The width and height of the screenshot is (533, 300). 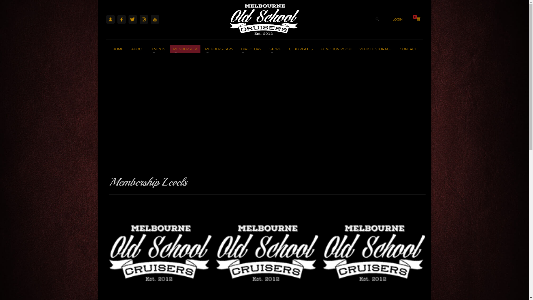 I want to click on 'VEHICLE STORAGE', so click(x=356, y=49).